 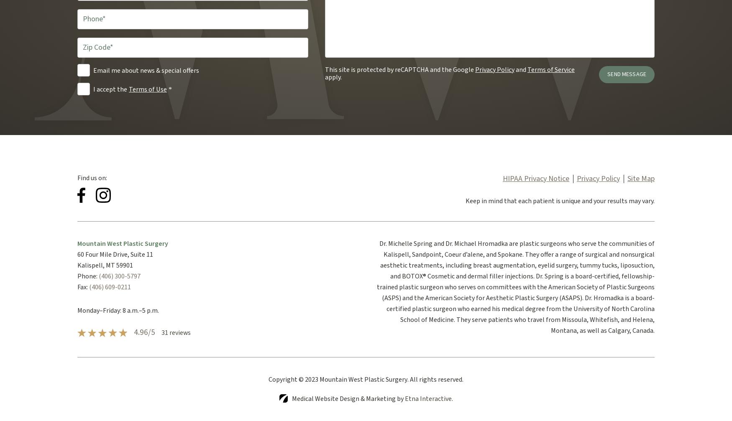 What do you see at coordinates (110, 89) in the screenshot?
I see `'I accept the'` at bounding box center [110, 89].